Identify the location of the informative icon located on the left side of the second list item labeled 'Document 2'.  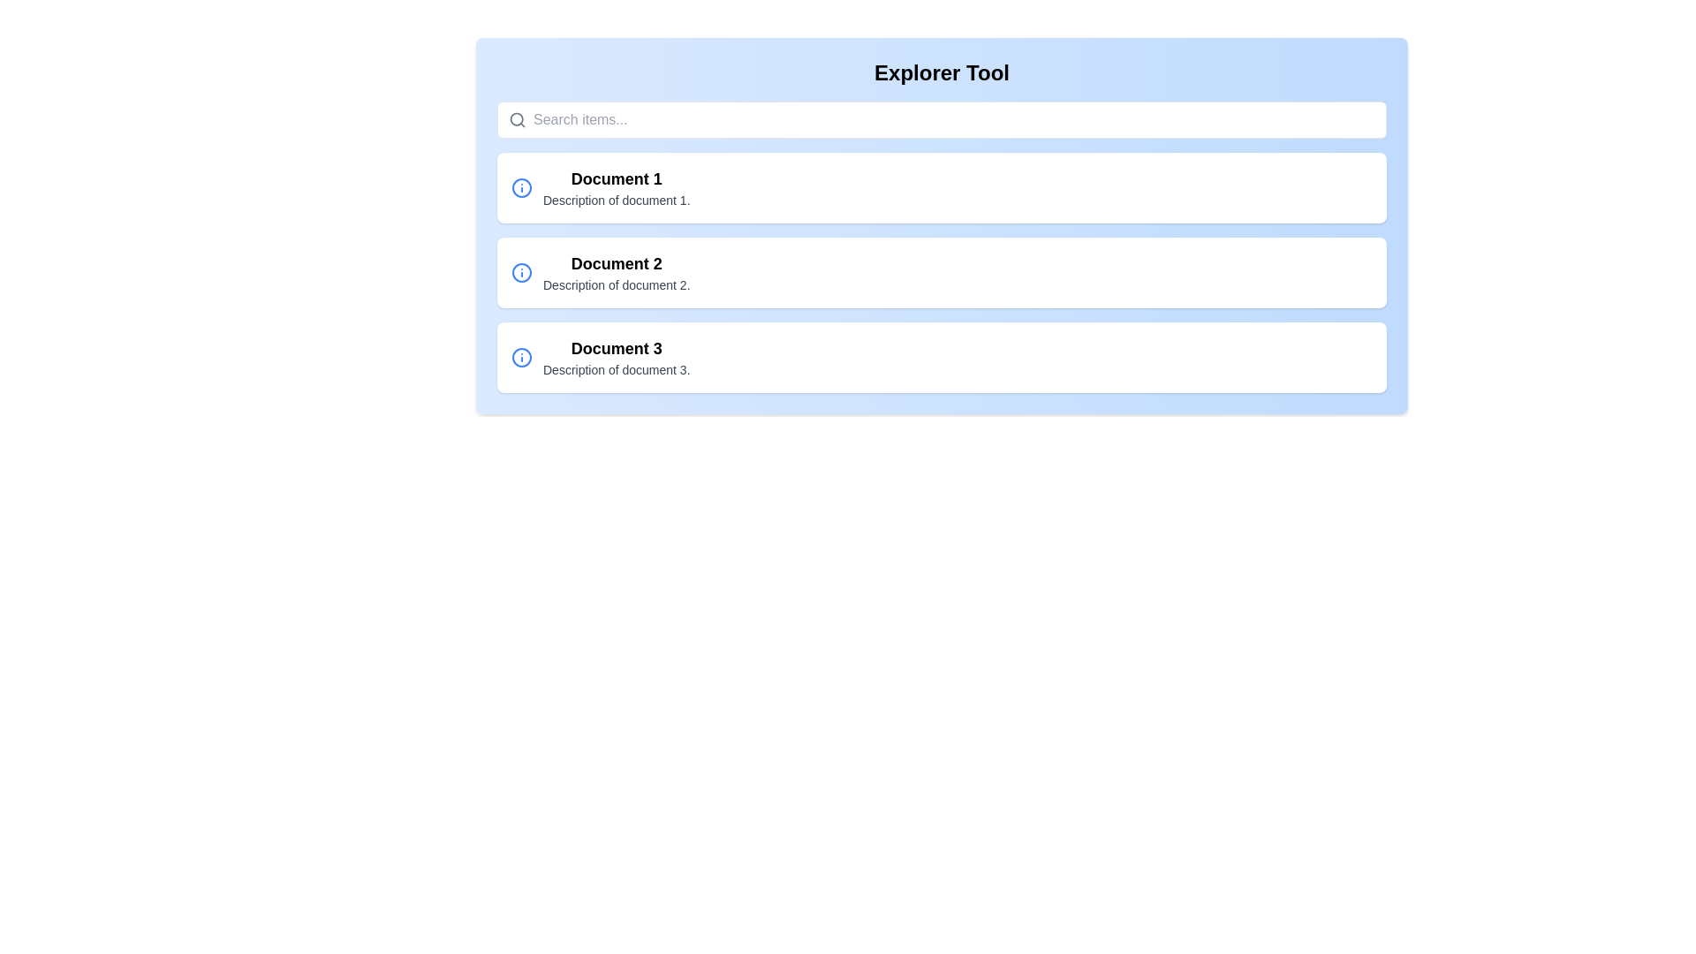
(520, 272).